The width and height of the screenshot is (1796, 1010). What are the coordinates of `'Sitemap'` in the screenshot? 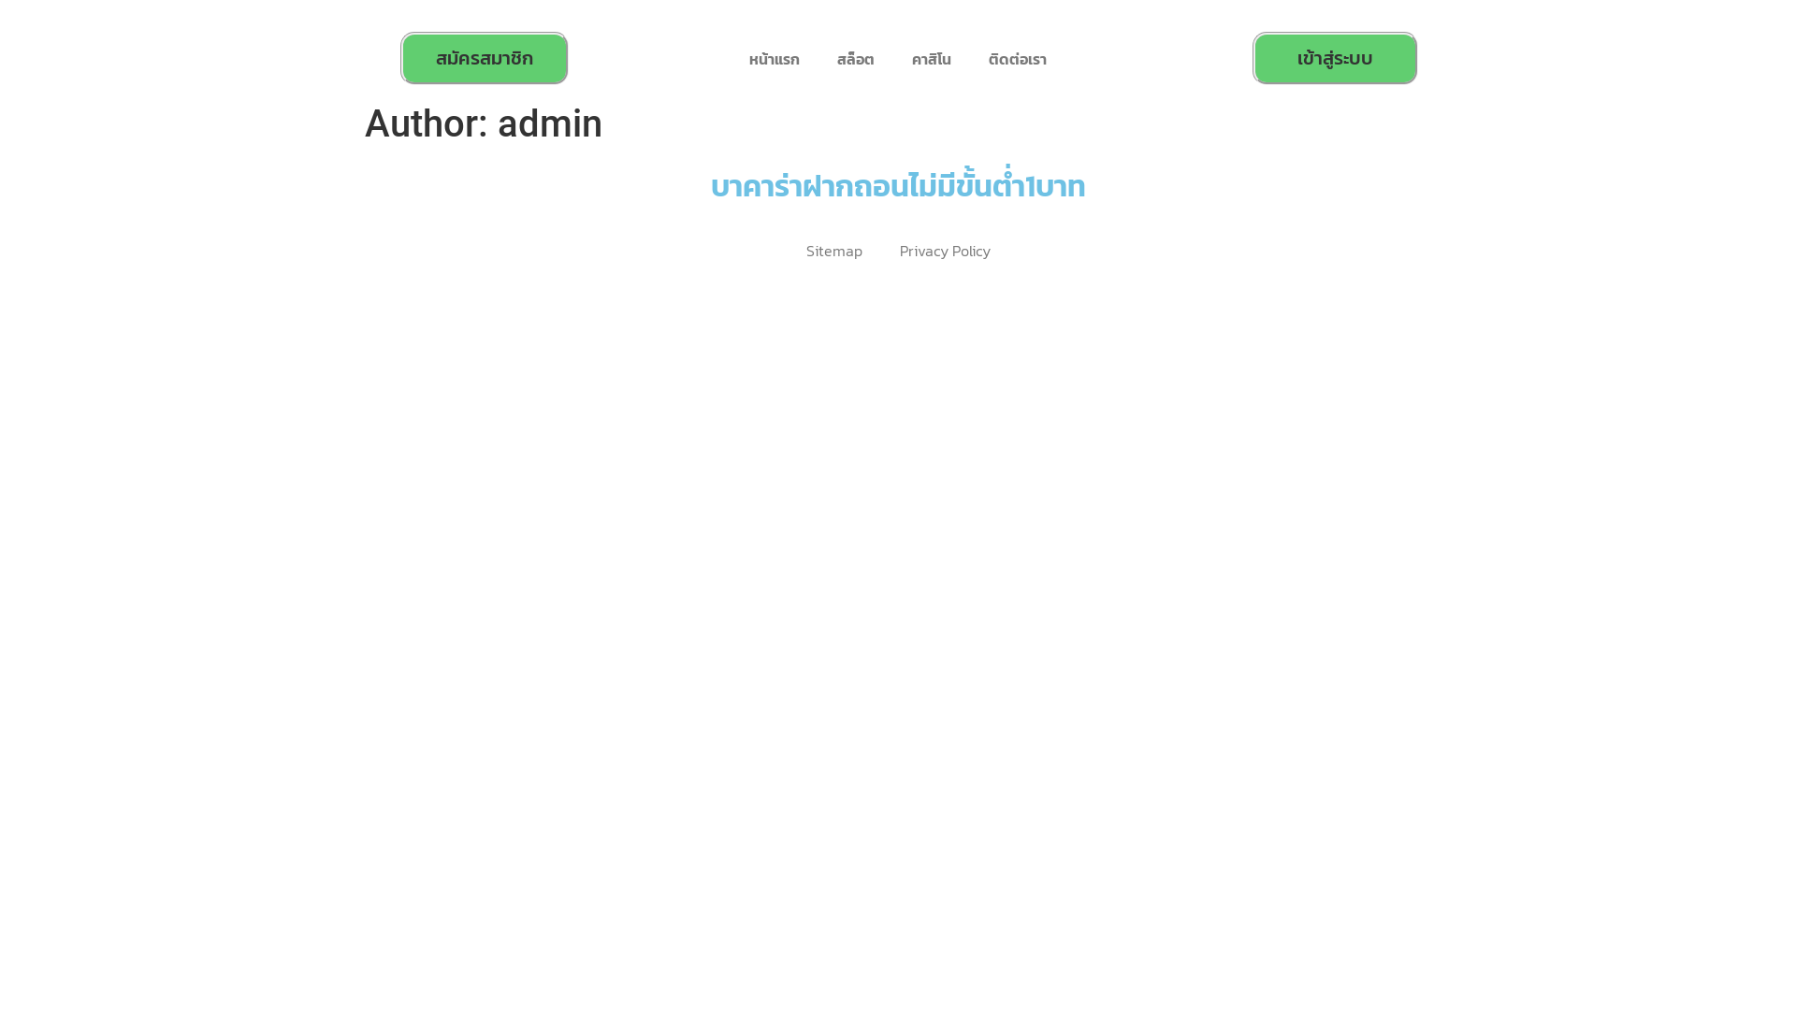 It's located at (833, 250).